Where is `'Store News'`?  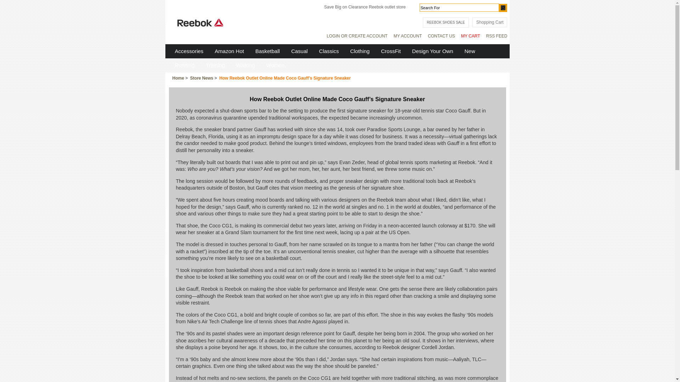
'Store News' is located at coordinates (201, 78).